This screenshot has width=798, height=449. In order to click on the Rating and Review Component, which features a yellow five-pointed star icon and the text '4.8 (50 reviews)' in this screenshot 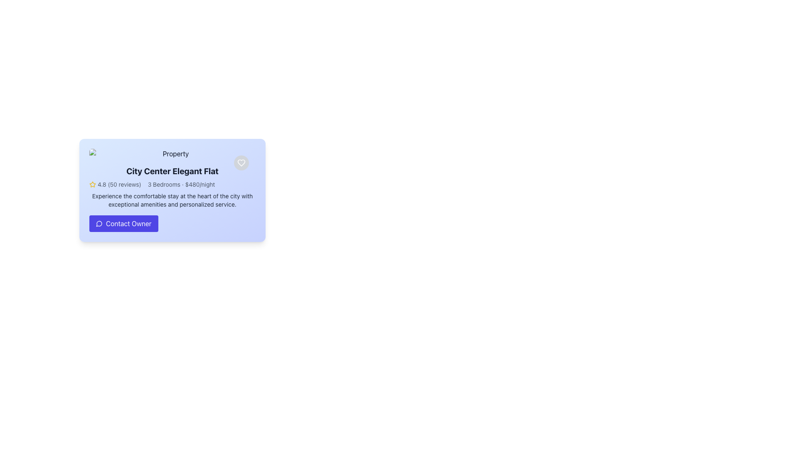, I will do `click(115, 184)`.